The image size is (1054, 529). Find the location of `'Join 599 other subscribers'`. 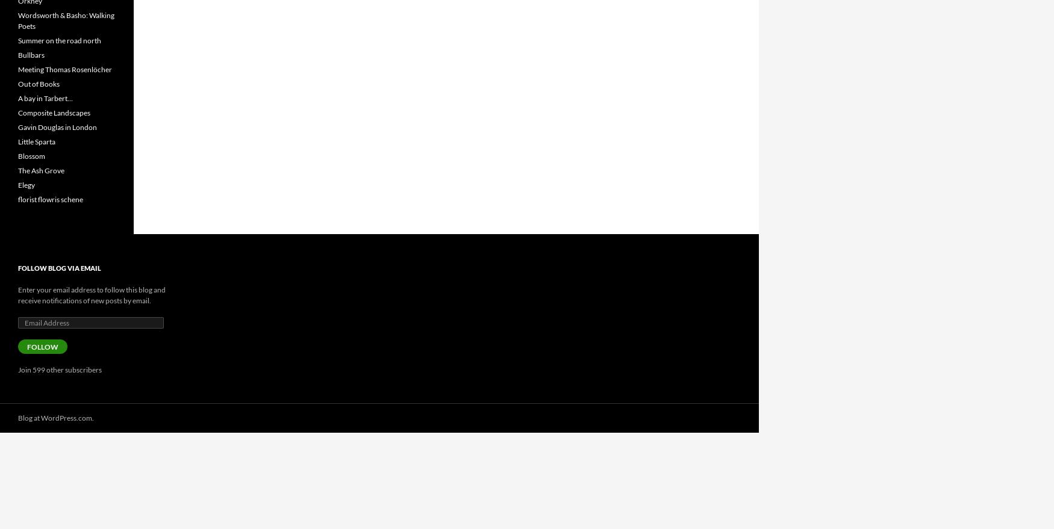

'Join 599 other subscribers' is located at coordinates (60, 370).